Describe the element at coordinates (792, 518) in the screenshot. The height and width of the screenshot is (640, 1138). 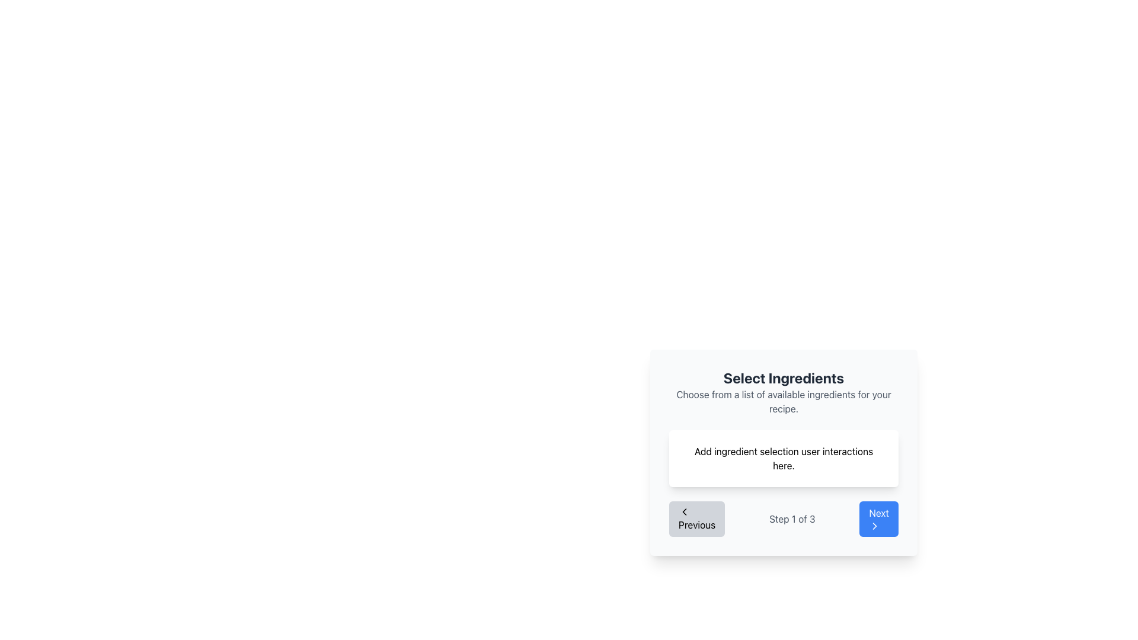
I see `the progress indicator Text Label located at the center of the navigation bar, which displays the current step number and total steps in the process` at that location.